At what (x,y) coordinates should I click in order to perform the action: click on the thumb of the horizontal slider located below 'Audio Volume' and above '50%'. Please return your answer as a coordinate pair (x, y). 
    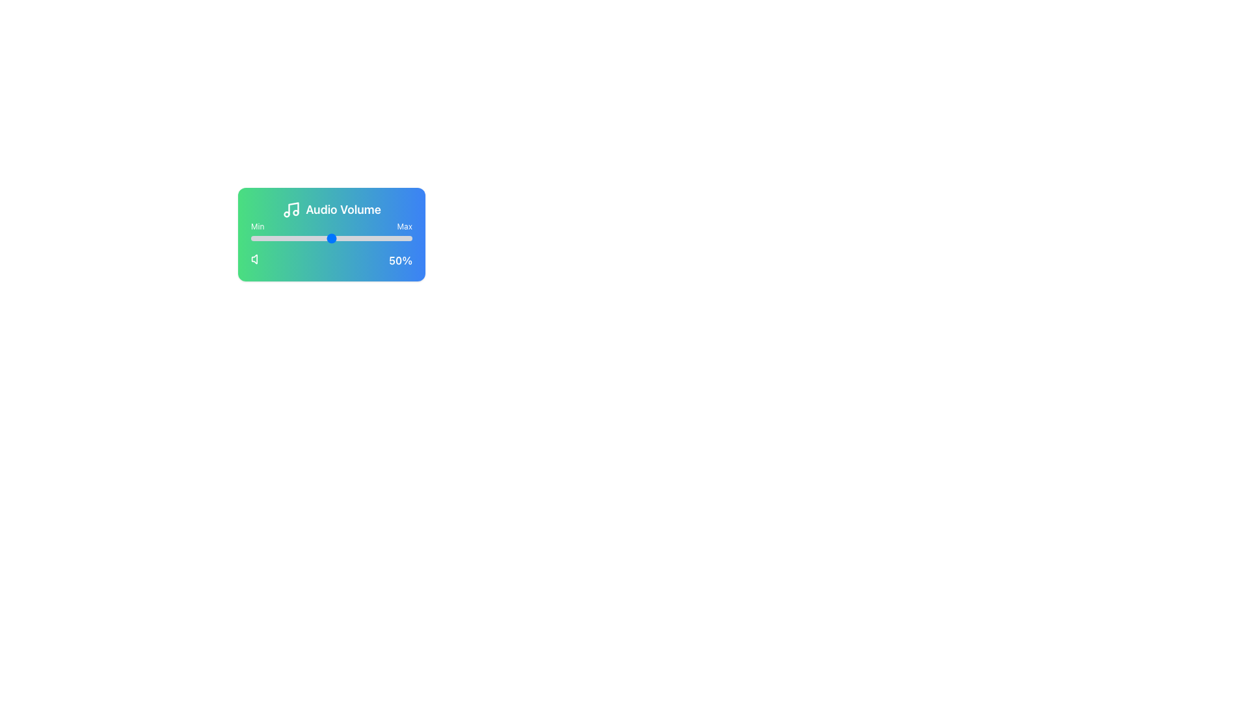
    Looking at the image, I should click on (331, 237).